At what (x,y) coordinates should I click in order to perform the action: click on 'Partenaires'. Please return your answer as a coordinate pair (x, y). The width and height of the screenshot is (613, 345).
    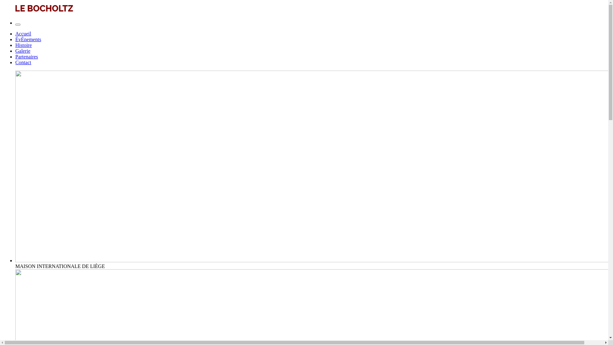
    Looking at the image, I should click on (26, 56).